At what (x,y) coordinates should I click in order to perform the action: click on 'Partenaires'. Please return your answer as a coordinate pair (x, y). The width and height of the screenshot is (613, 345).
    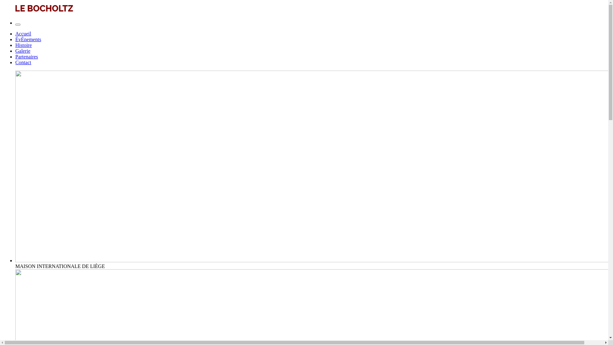
    Looking at the image, I should click on (26, 56).